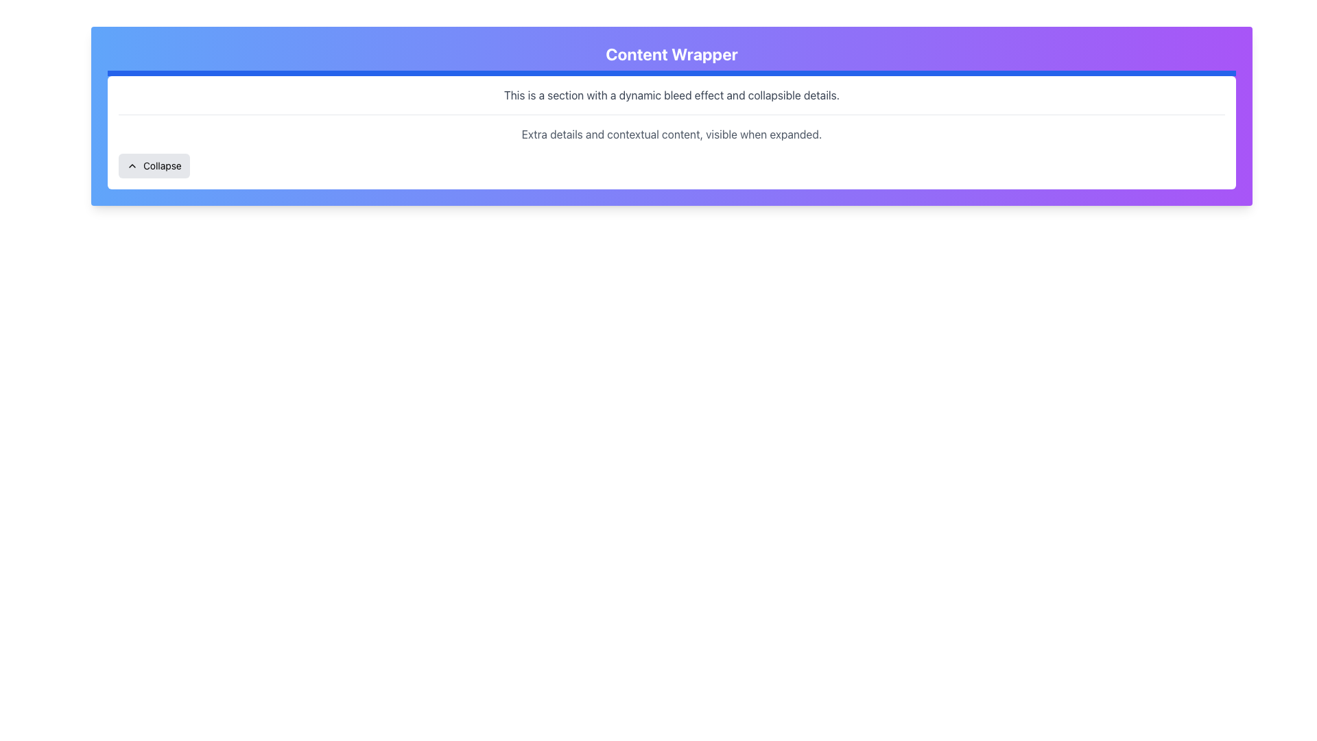  Describe the element at coordinates (672, 128) in the screenshot. I see `the non-interactive Text block that provides additional details or context, positioned below the introductory text and above the 'Collapse' button` at that location.